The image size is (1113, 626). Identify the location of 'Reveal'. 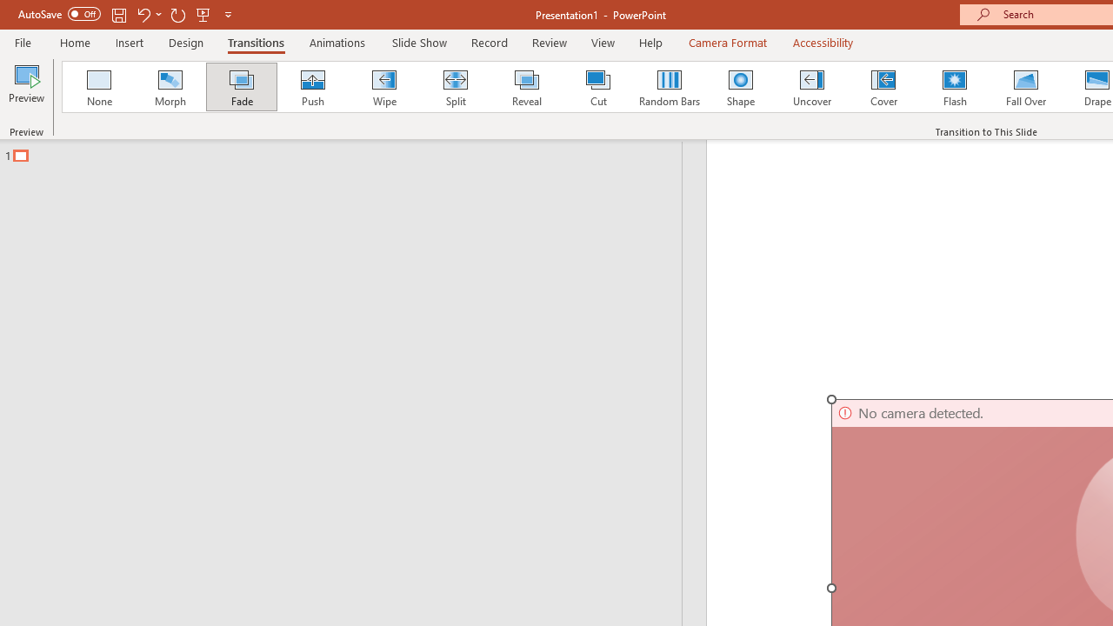
(525, 87).